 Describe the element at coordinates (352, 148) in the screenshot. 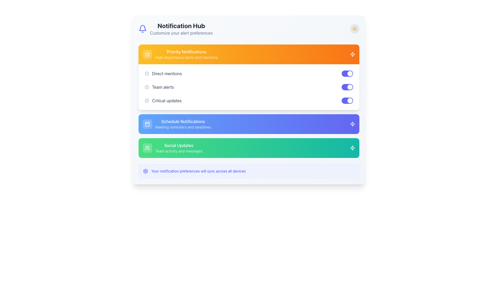

I see `the SVG Icon that indicates the significance of the 'Social Updates' section, located to the right of the green bar labeled 'Social Updates'` at that location.